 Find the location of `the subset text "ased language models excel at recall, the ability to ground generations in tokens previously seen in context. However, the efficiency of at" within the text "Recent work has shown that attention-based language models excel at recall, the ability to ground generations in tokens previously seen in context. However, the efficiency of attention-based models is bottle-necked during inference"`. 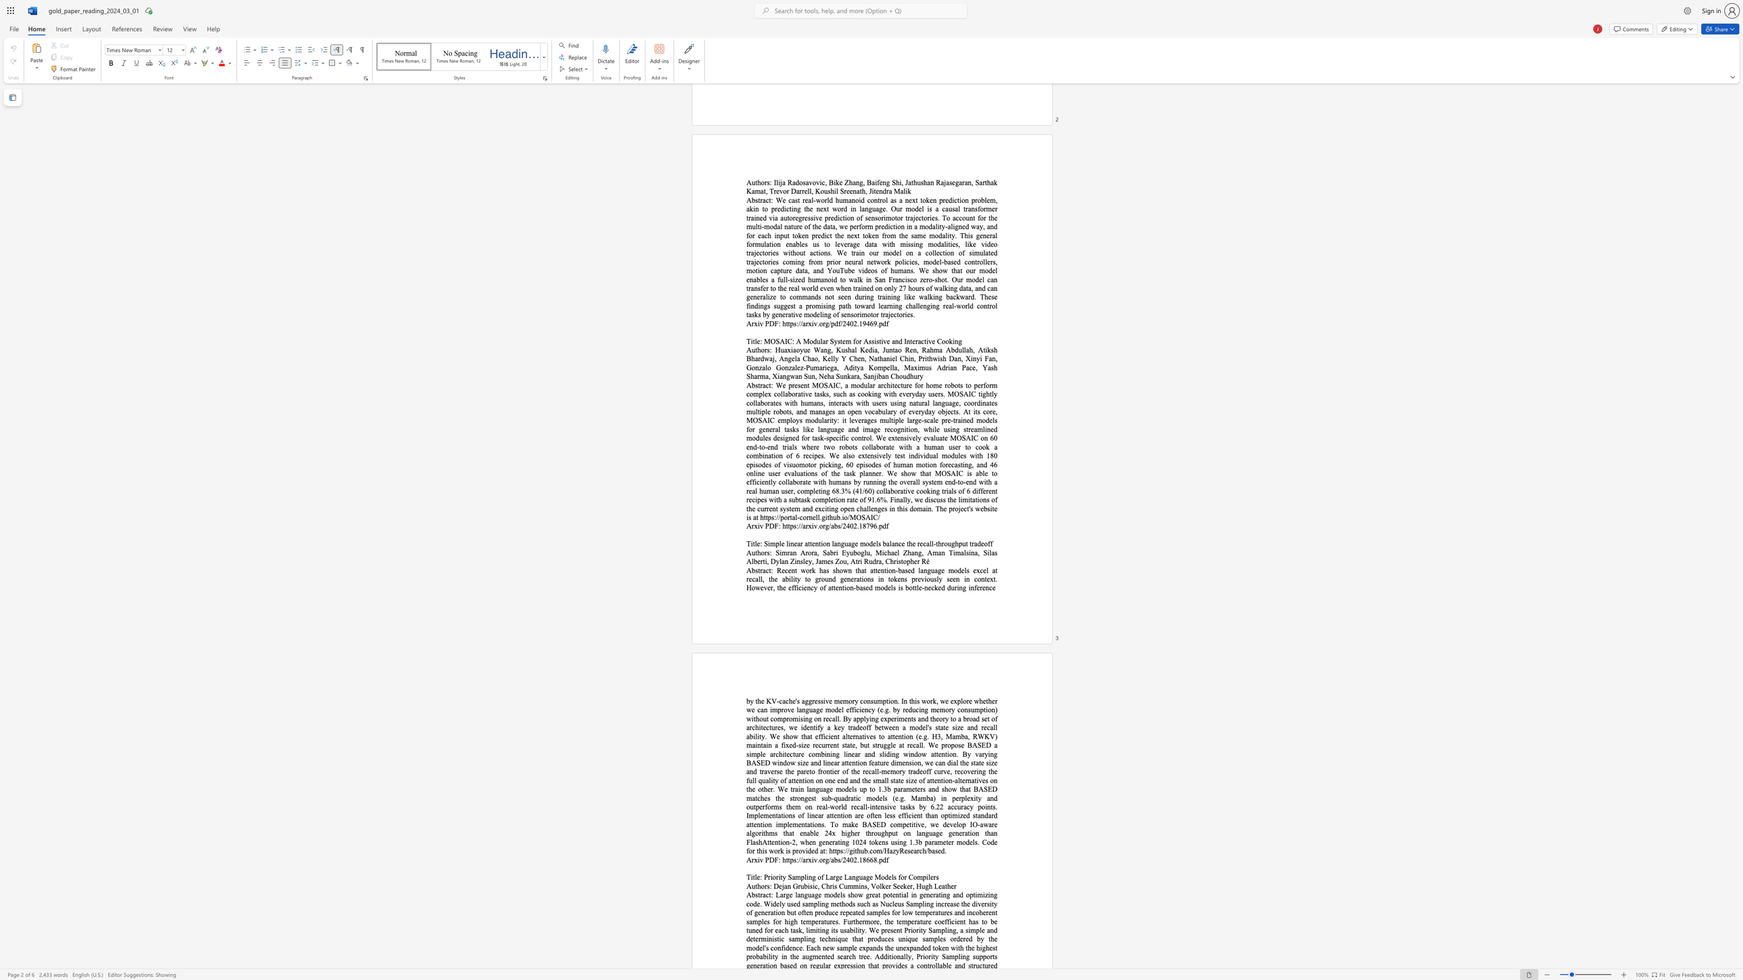

the subset text "ased language models excel at recall, the ability to ground generations in tokens previously seen in context. However, the efficiency of at" within the text "Recent work has shown that attention-based language models excel at recall, the ability to ground generations in tokens previously seen in context. However, the efficiency of attention-based models is bottle-necked during inference" is located at coordinates (901, 570).